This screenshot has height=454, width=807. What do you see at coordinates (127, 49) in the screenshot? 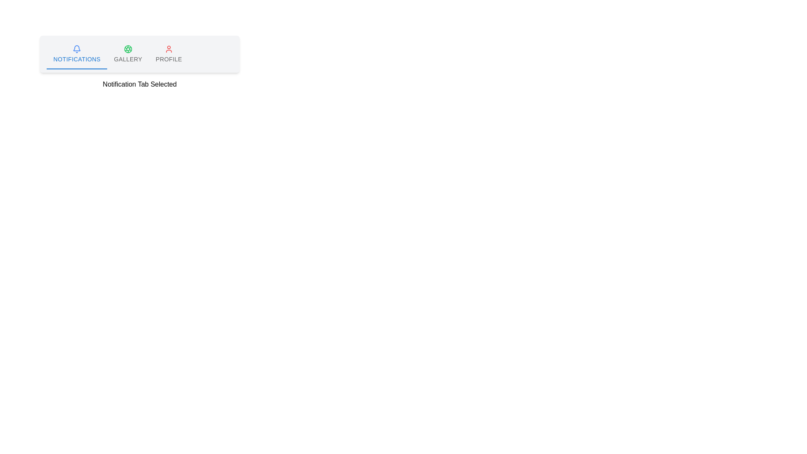
I see `the green-colored aperture icon within the 'Gallery' tab` at bounding box center [127, 49].